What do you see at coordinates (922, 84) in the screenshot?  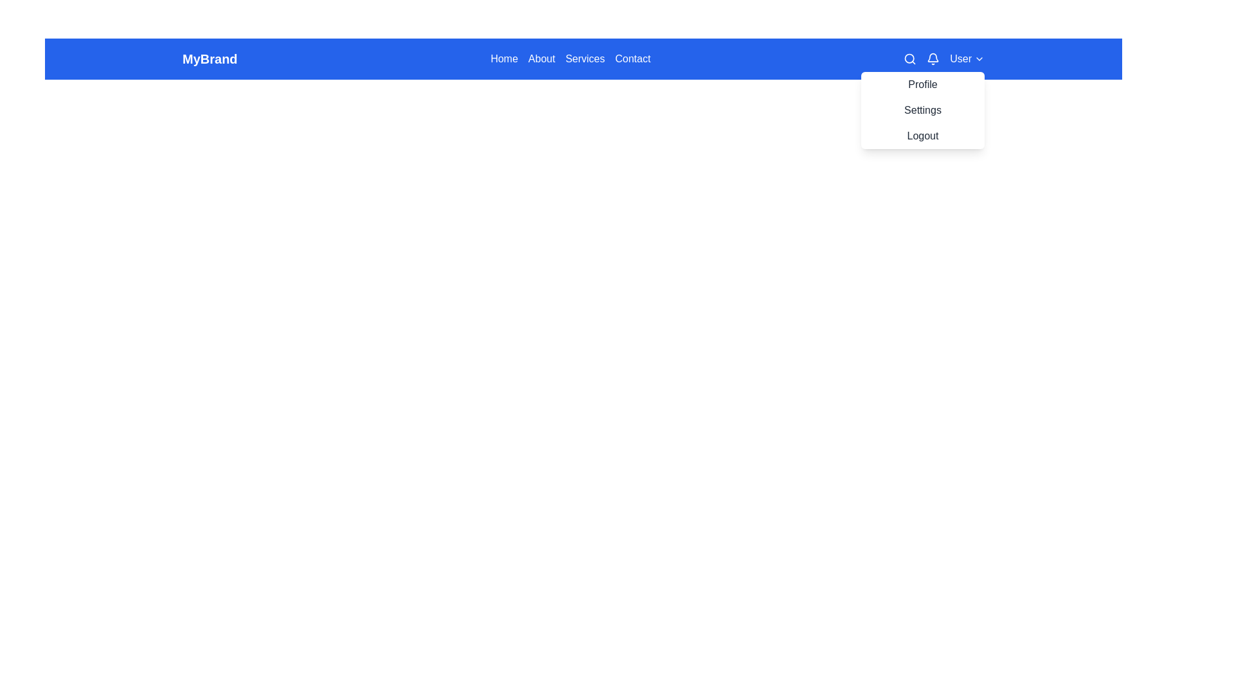 I see `the 'Profile' dropdown menu item, which is the first option in the dropdown located under the 'User' label in the top-right corner of the interface` at bounding box center [922, 84].